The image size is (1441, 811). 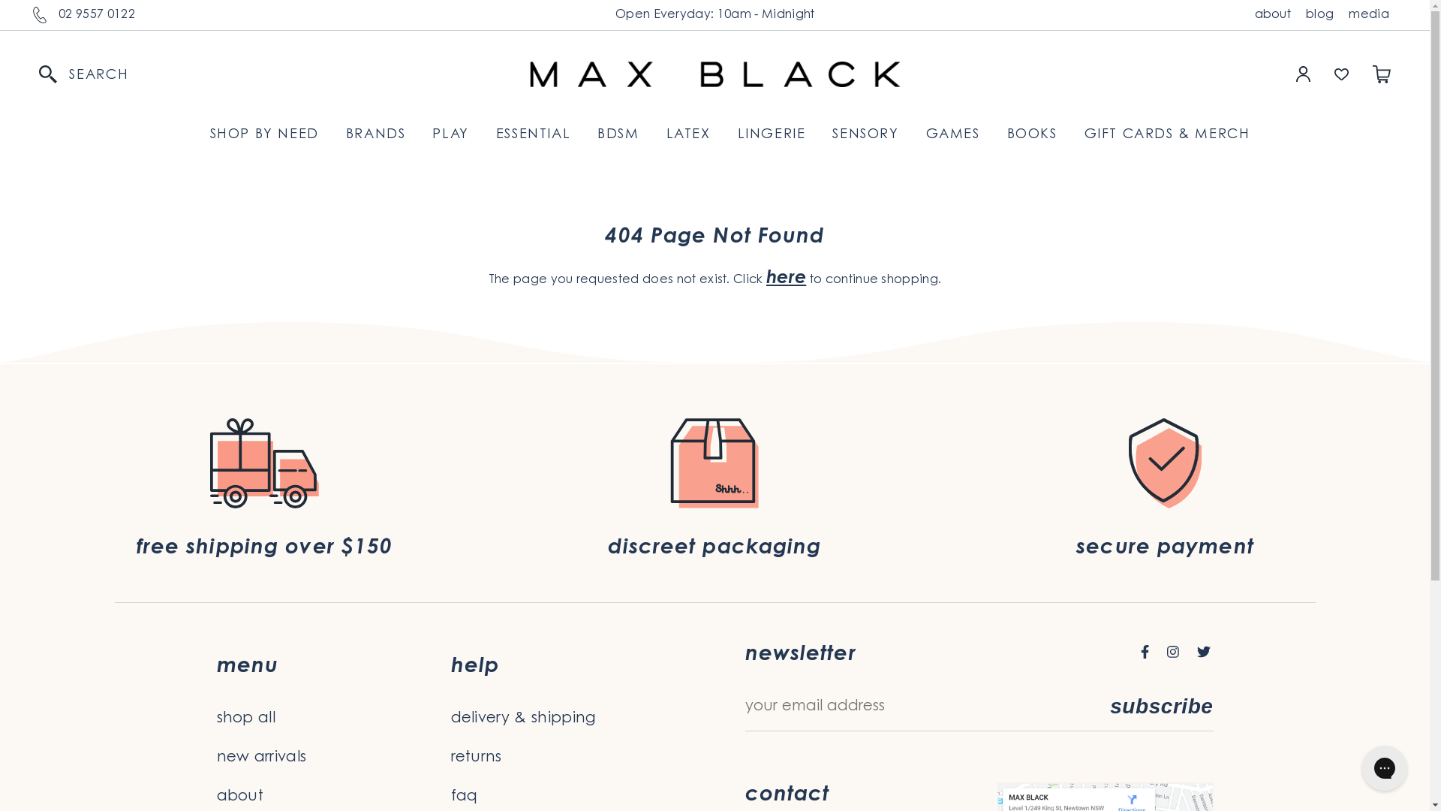 What do you see at coordinates (432, 135) in the screenshot?
I see `'PLAY'` at bounding box center [432, 135].